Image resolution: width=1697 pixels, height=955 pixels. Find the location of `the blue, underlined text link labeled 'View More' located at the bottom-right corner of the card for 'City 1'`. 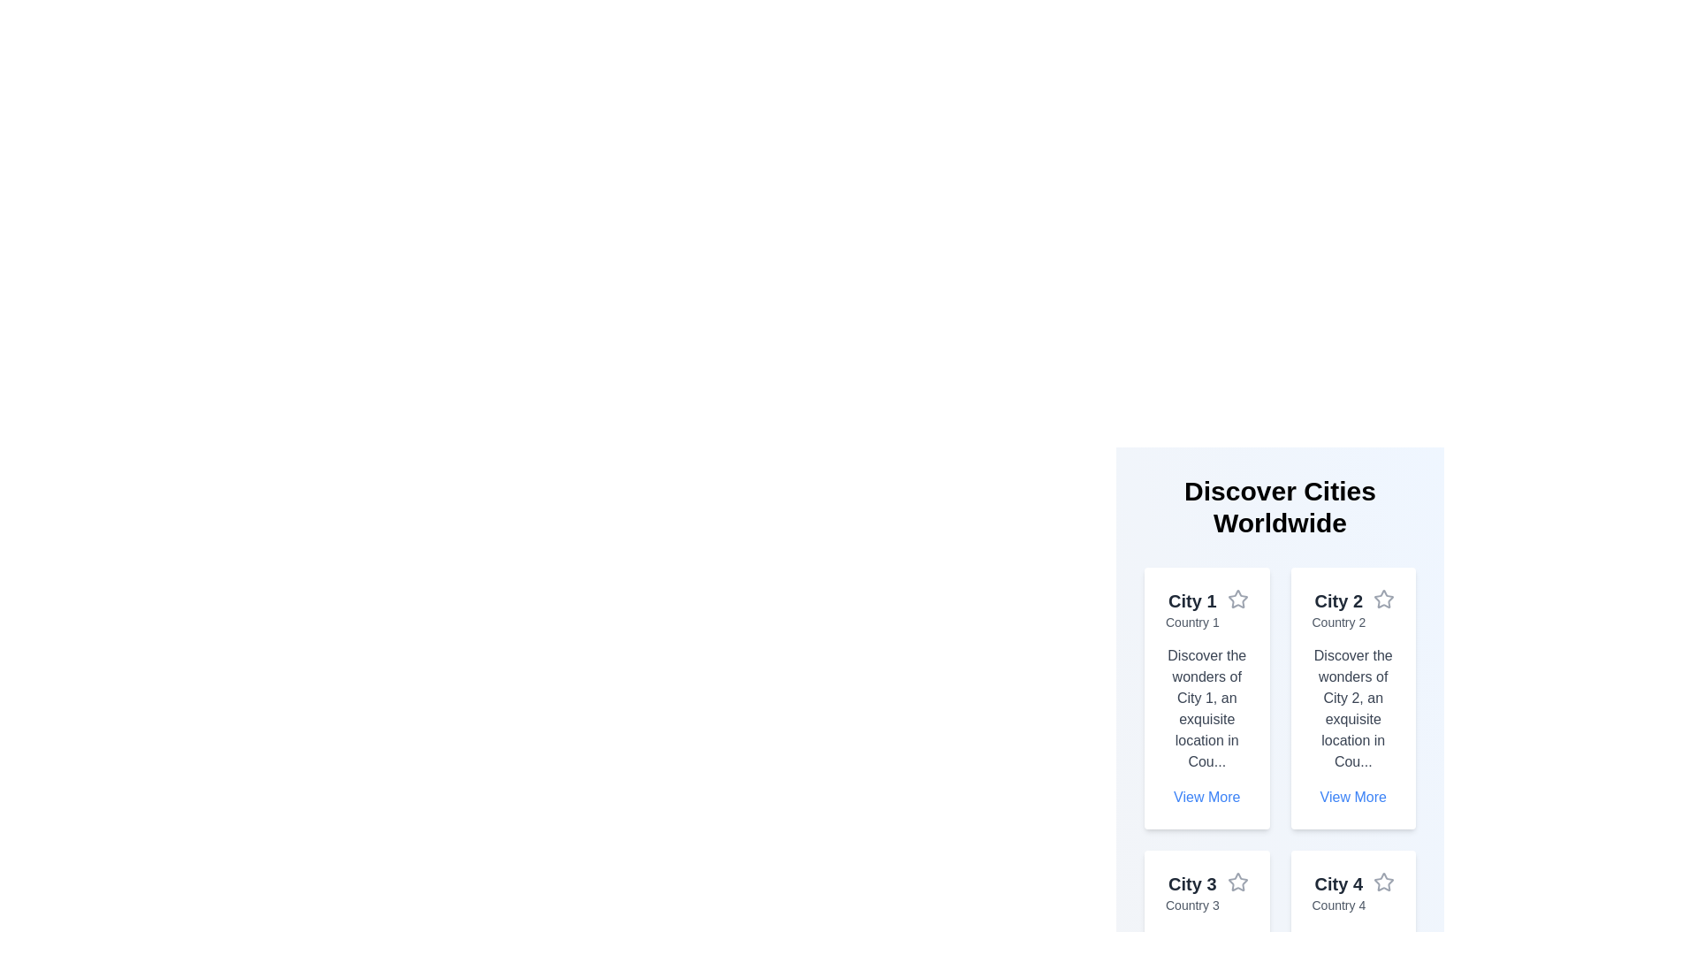

the blue, underlined text link labeled 'View More' located at the bottom-right corner of the card for 'City 1' is located at coordinates (1206, 798).